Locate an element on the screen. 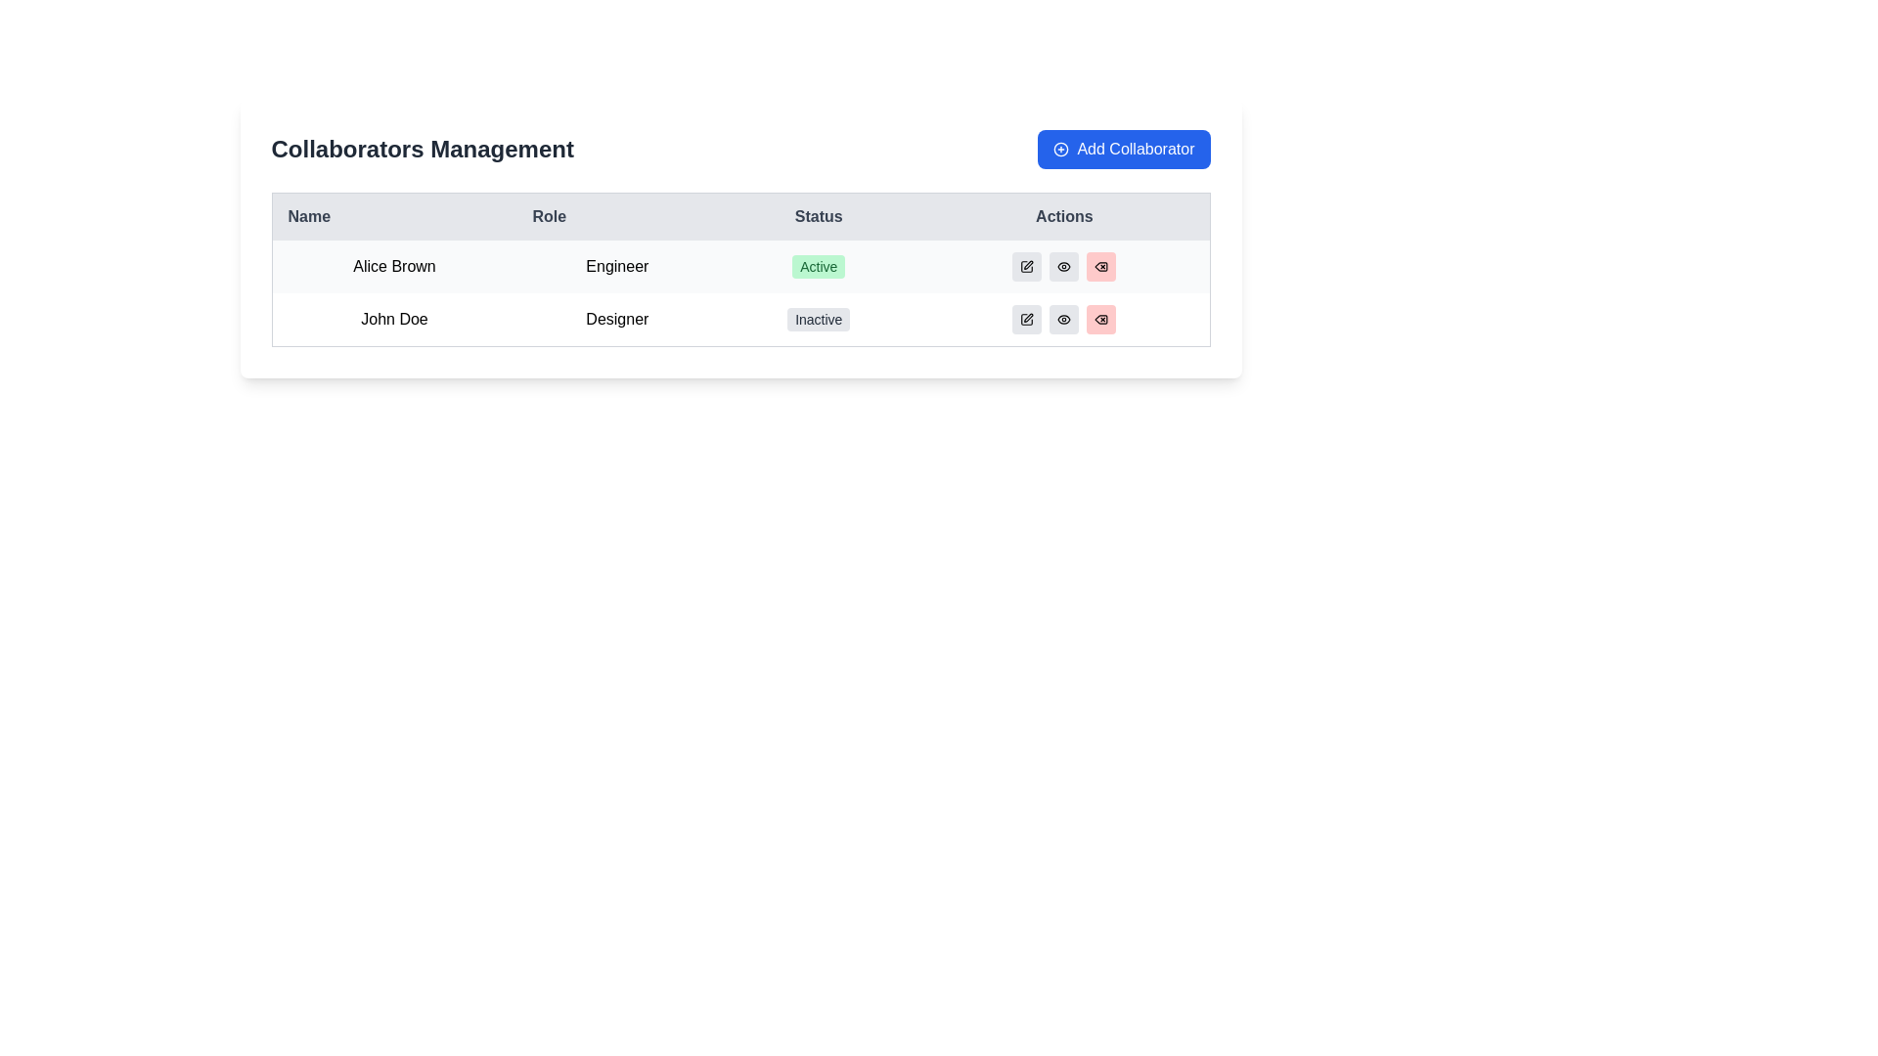 Image resolution: width=1878 pixels, height=1056 pixels. the 'view' icon button located in the 'Actions' column of the second row of the table under 'Collaborators Management' is located at coordinates (1063, 319).